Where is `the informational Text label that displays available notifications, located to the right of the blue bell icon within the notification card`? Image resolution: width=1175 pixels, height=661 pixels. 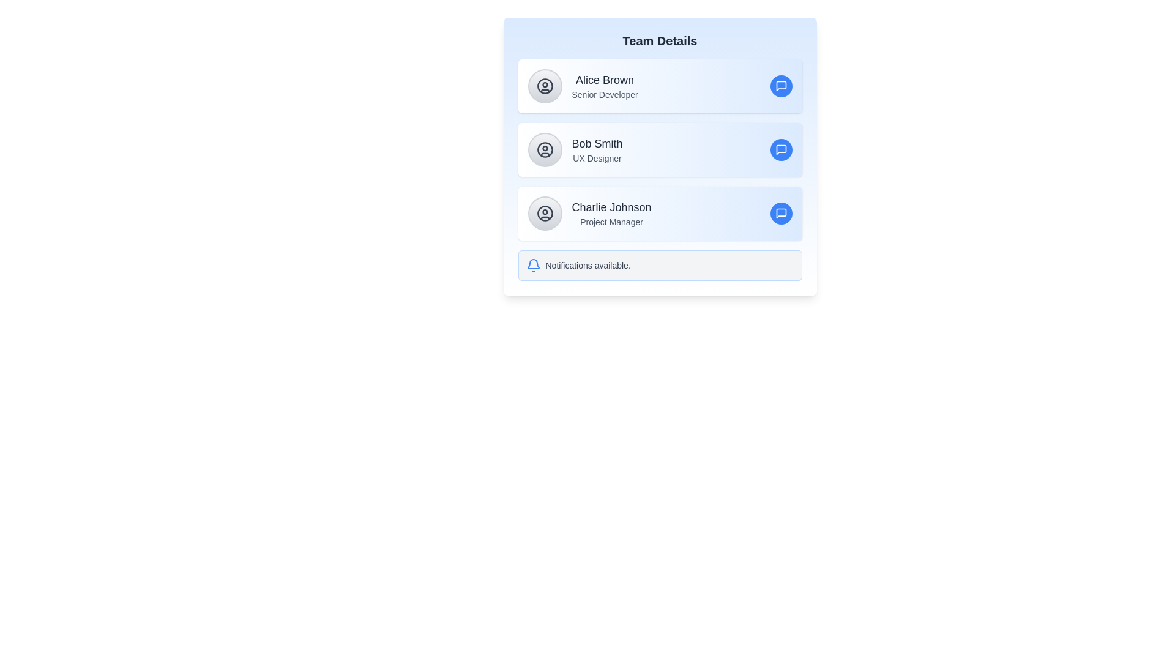
the informational Text label that displays available notifications, located to the right of the blue bell icon within the notification card is located at coordinates (588, 265).